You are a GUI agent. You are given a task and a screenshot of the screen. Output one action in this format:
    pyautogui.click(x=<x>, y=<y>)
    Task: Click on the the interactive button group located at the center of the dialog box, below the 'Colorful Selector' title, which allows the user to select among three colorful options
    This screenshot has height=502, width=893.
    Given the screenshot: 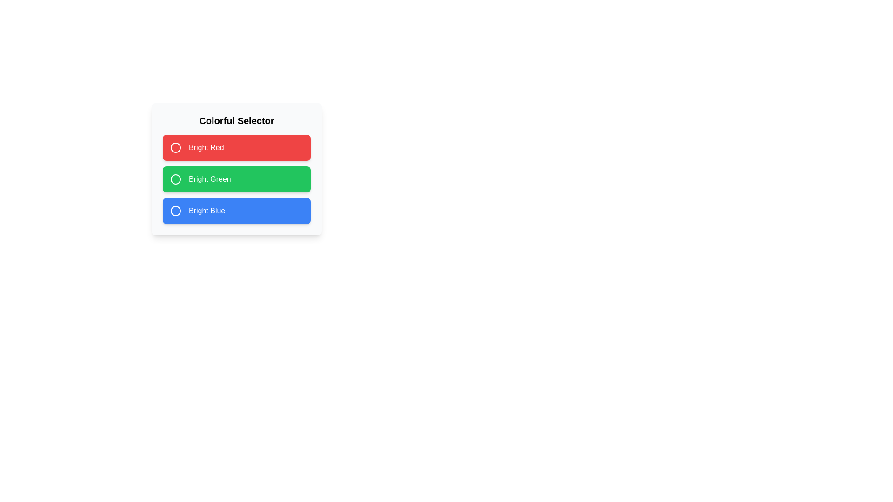 What is the action you would take?
    pyautogui.click(x=236, y=179)
    